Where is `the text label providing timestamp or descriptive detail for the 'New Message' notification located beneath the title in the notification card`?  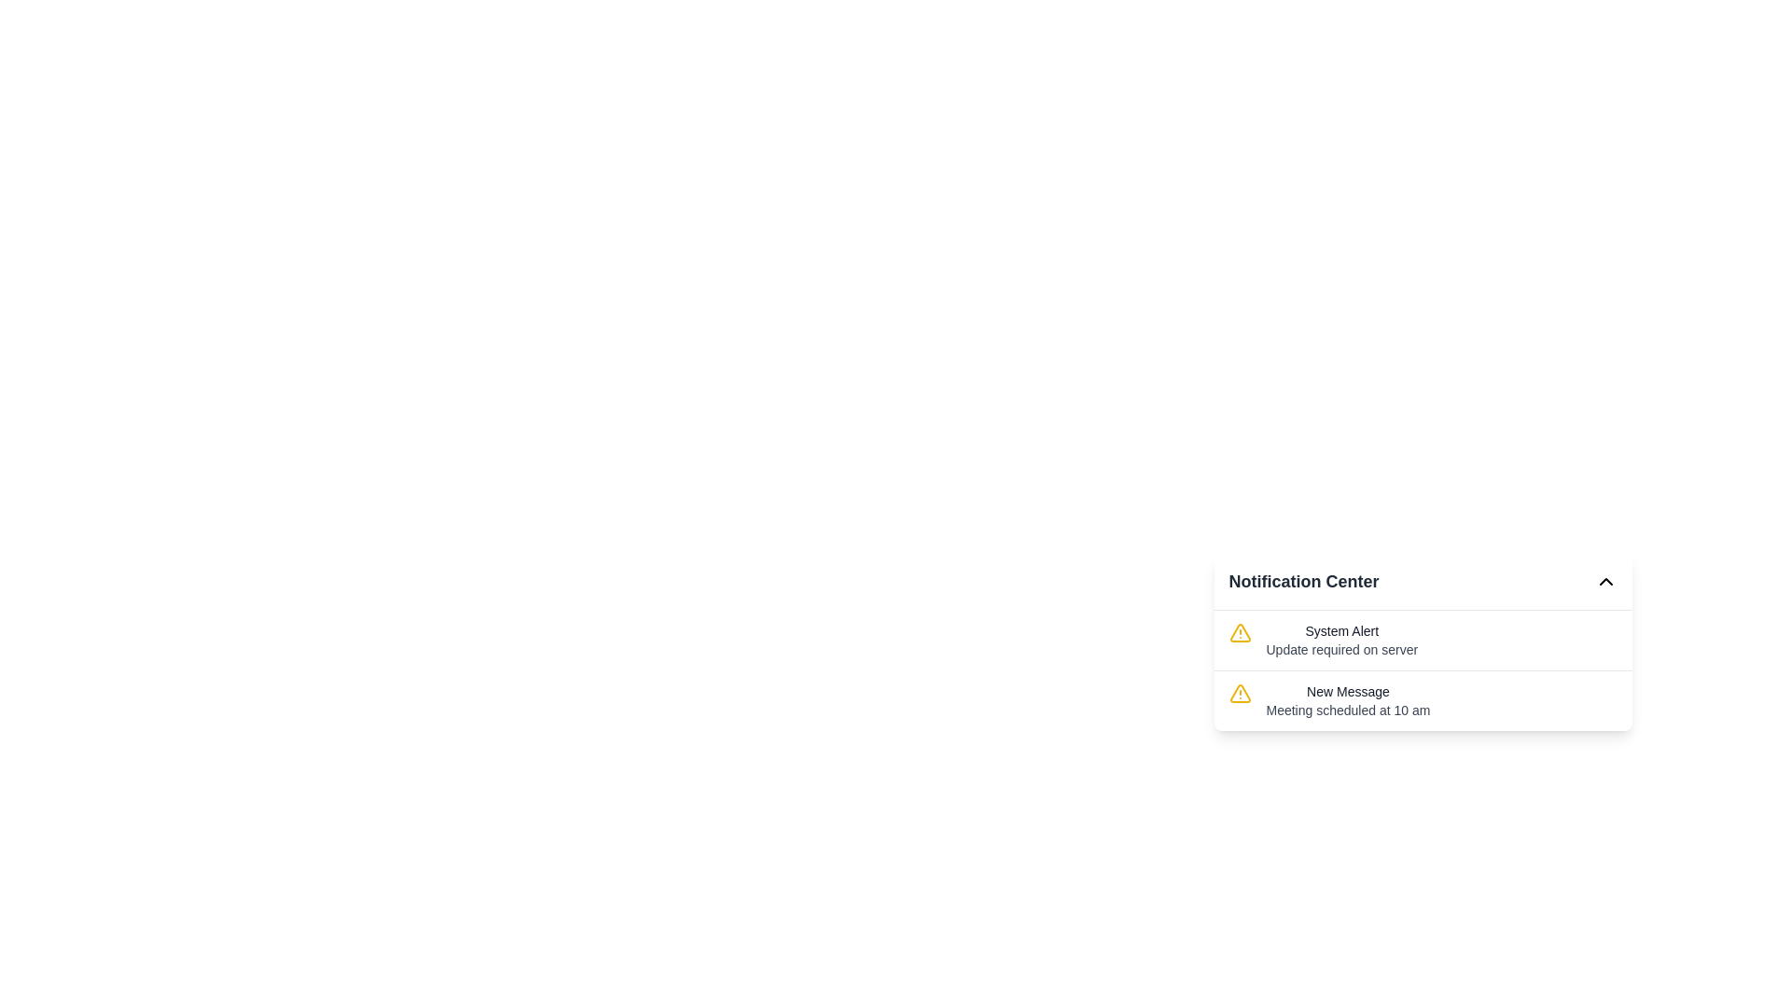 the text label providing timestamp or descriptive detail for the 'New Message' notification located beneath the title in the notification card is located at coordinates (1348, 710).